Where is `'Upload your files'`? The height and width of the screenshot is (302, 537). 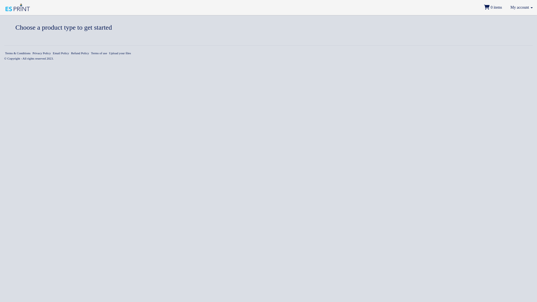 'Upload your files' is located at coordinates (119, 53).